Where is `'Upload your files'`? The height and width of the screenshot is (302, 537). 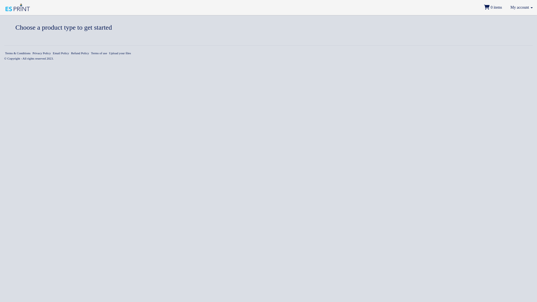 'Upload your files' is located at coordinates (119, 53).